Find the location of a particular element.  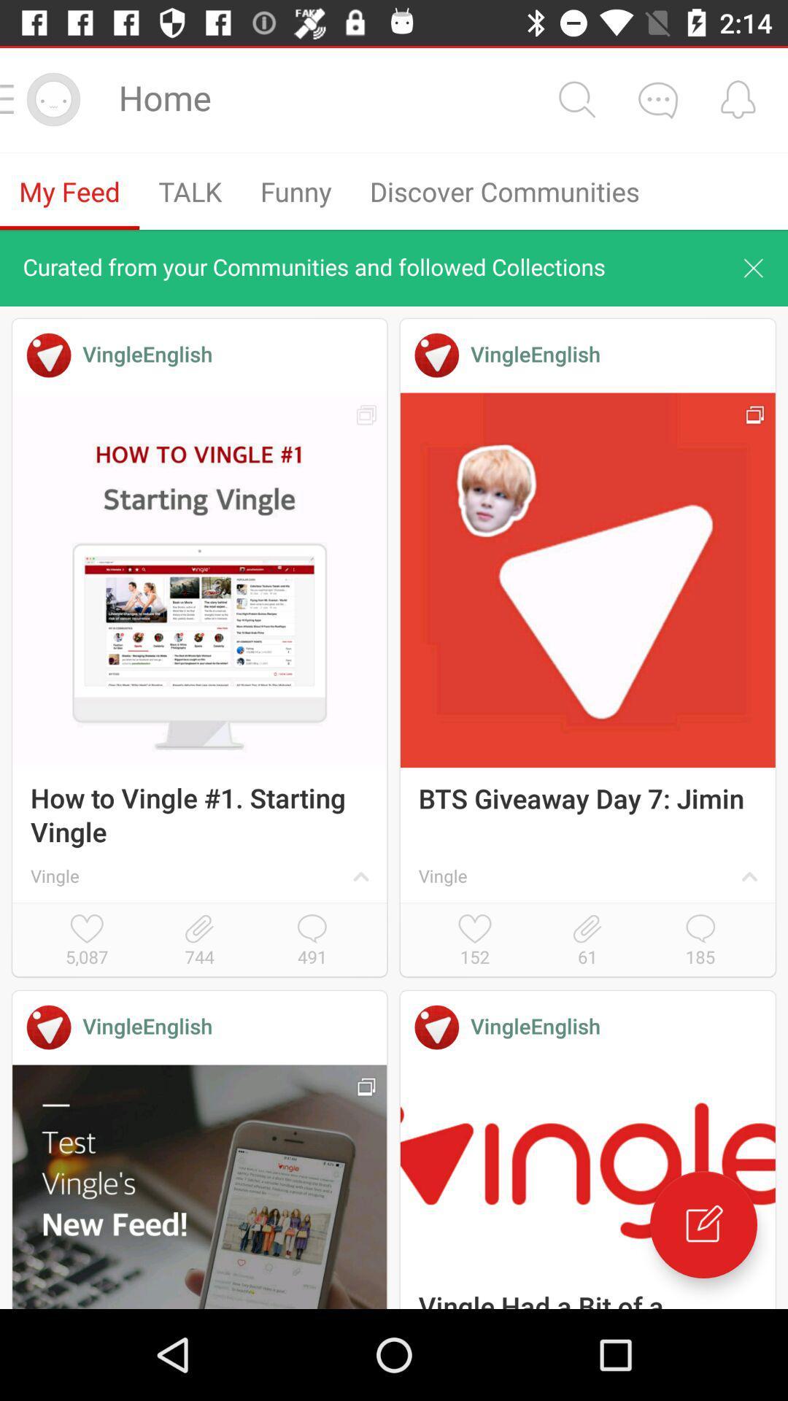

item to the left of the 152 item is located at coordinates (312, 941).